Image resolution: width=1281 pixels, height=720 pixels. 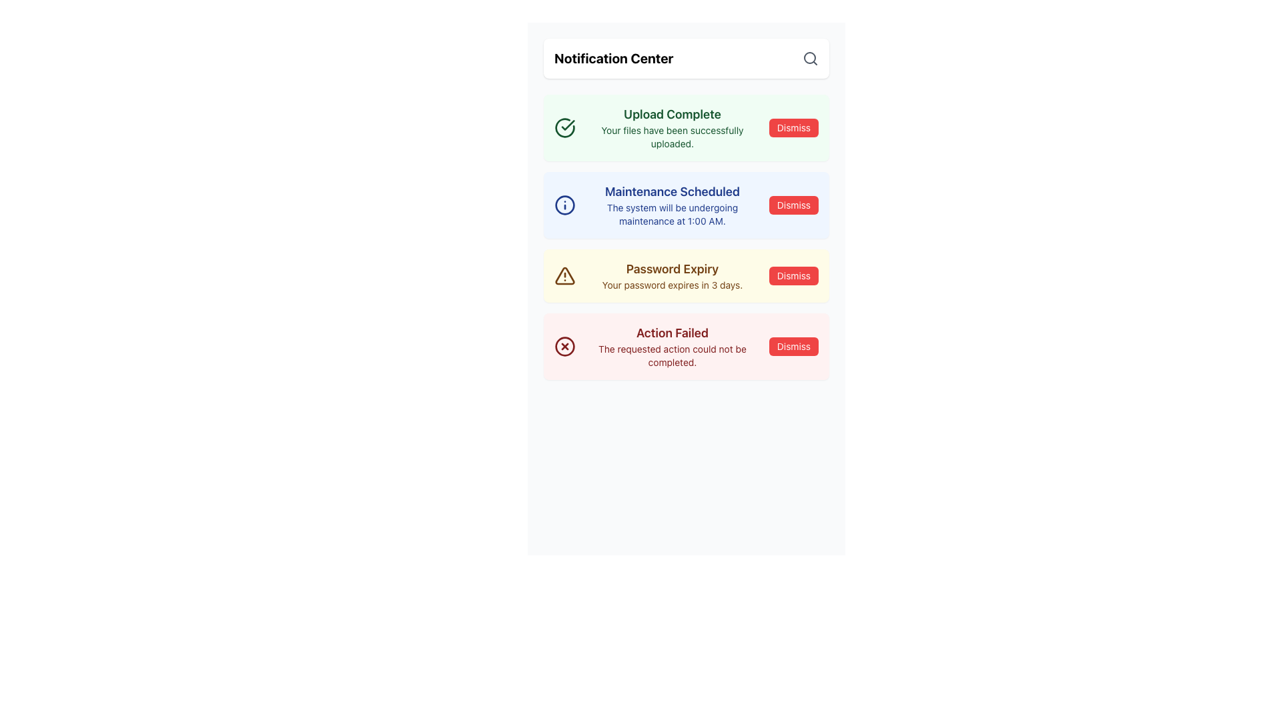 What do you see at coordinates (673, 205) in the screenshot?
I see `the text notification element located in the second notification card under the 'Notification Center', which informs the user about the scheduled maintenance of the system` at bounding box center [673, 205].